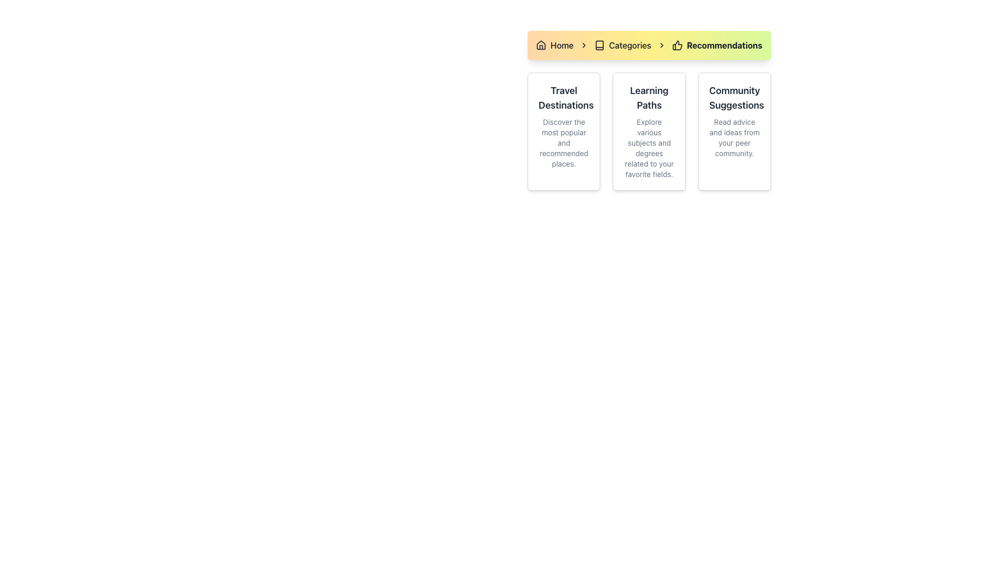 This screenshot has height=564, width=1003. What do you see at coordinates (677, 45) in the screenshot?
I see `the first icon in the navigation bar, which represents approvals or recommendations, located to the left of the 'Recommendations' text` at bounding box center [677, 45].